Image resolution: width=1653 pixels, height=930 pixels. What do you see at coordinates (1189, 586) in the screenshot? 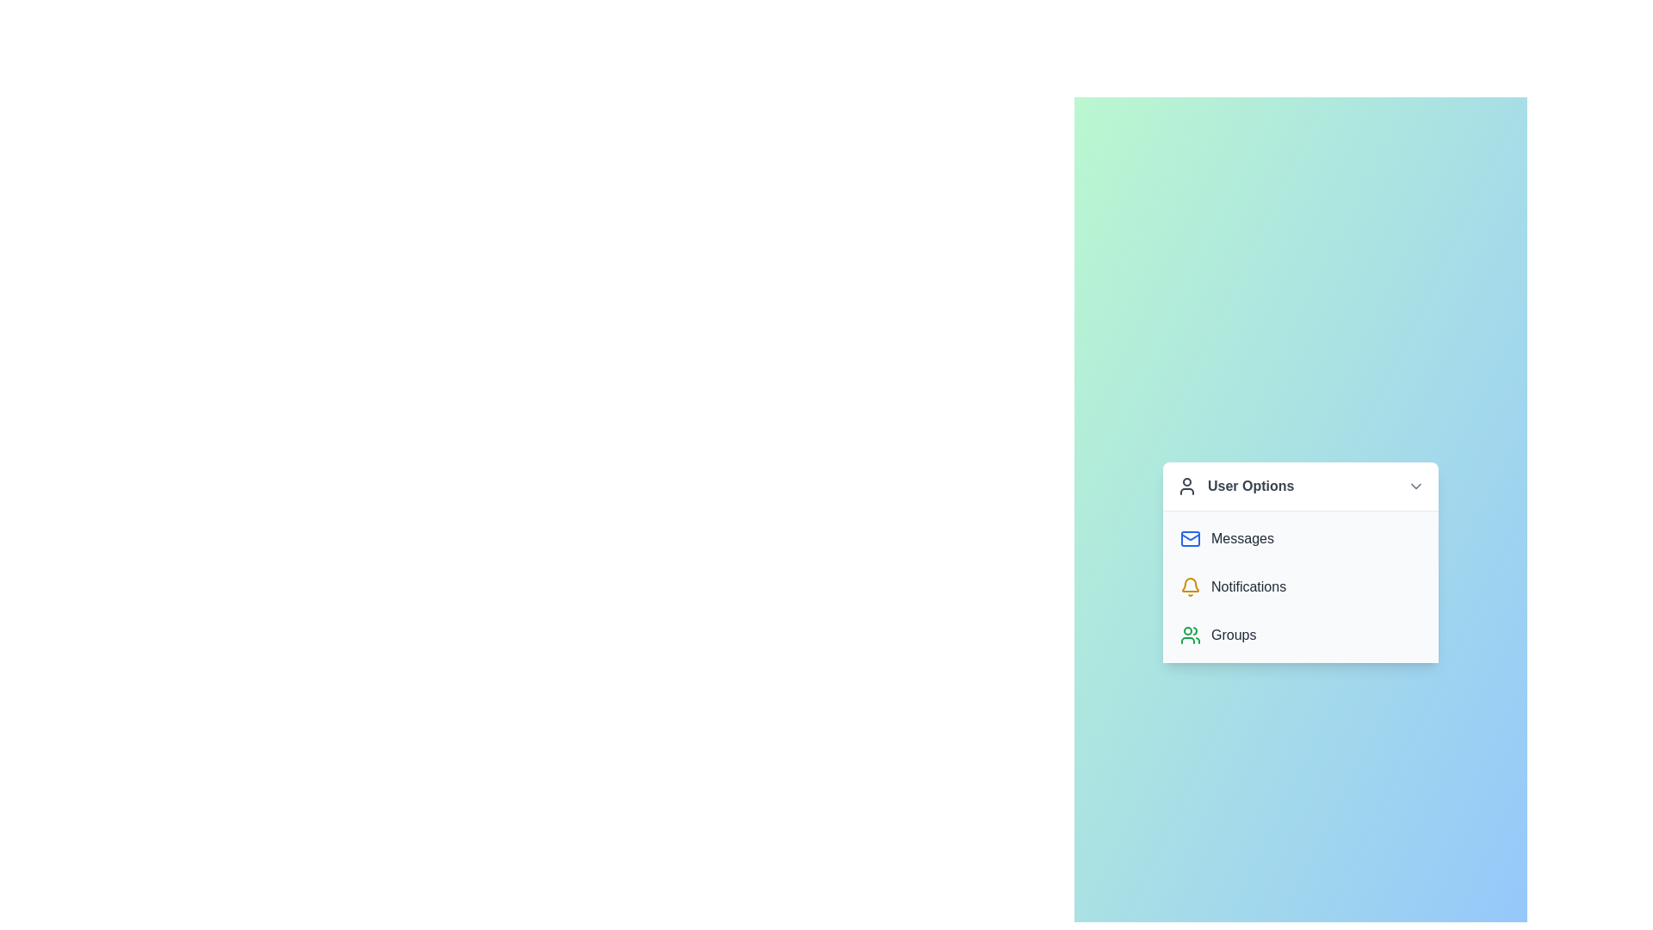
I see `the yellow bell icon located to the left of the 'Notifications' text in the user dropdown menu` at bounding box center [1189, 586].